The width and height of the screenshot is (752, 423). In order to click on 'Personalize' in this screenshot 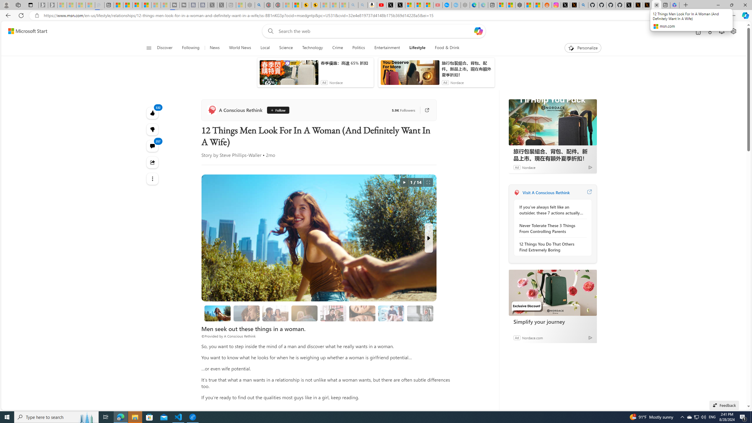, I will do `click(583, 48)`.